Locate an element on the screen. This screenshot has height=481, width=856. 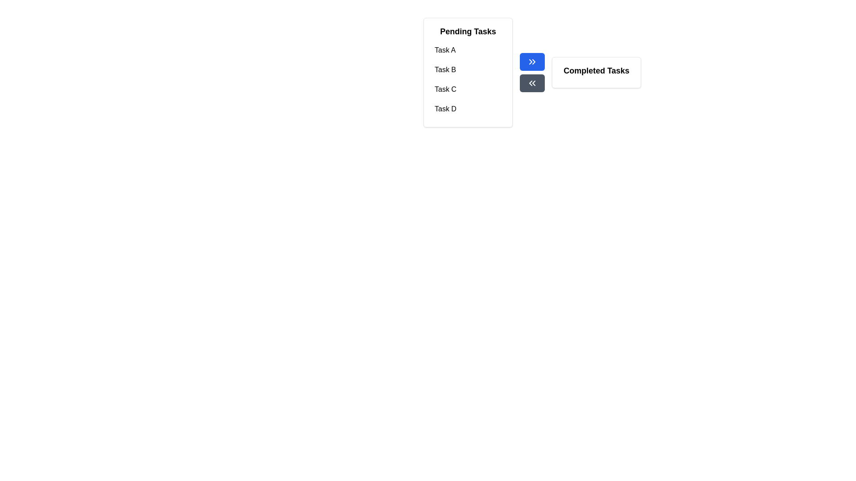
the 'Pending Tasks' header is located at coordinates (468, 31).